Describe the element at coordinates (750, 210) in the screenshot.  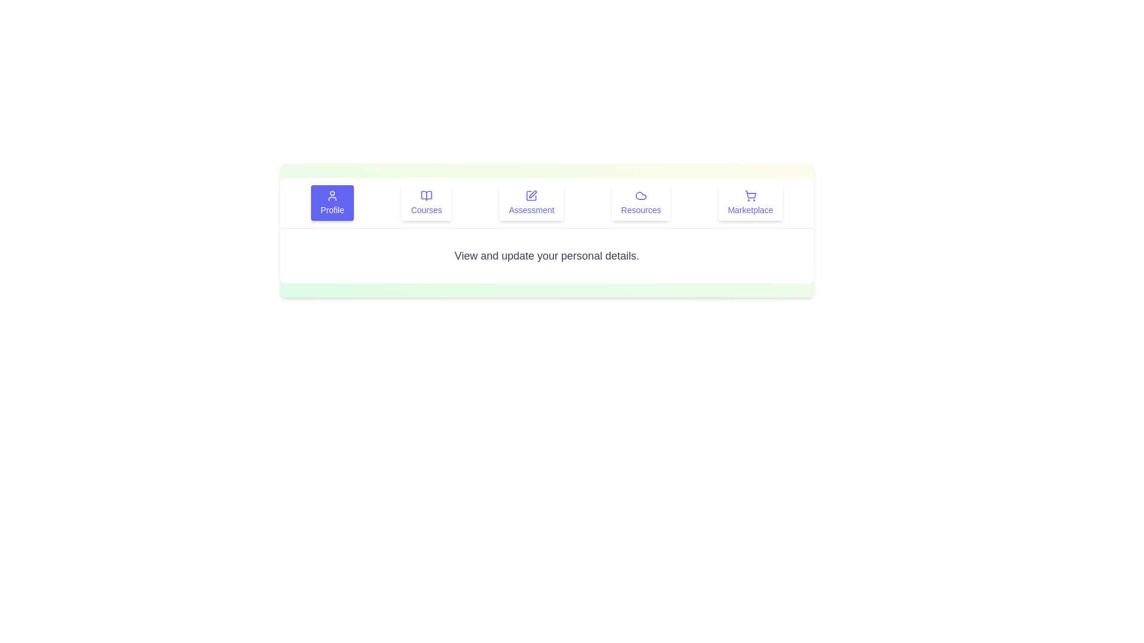
I see `the 'Marketplace' text label, which is part of the navigation bar and is located below the shopping cart icon` at that location.